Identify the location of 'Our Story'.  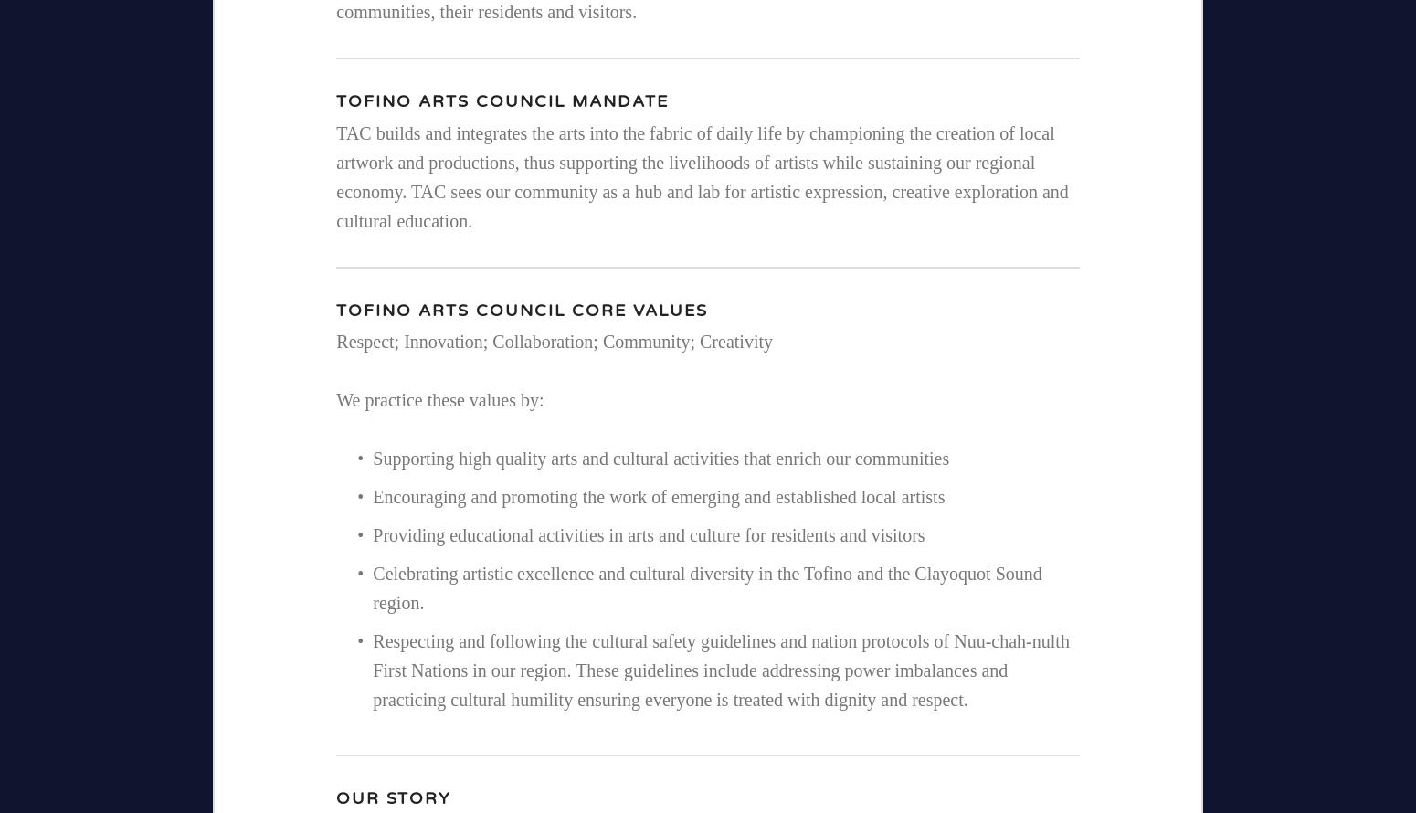
(394, 797).